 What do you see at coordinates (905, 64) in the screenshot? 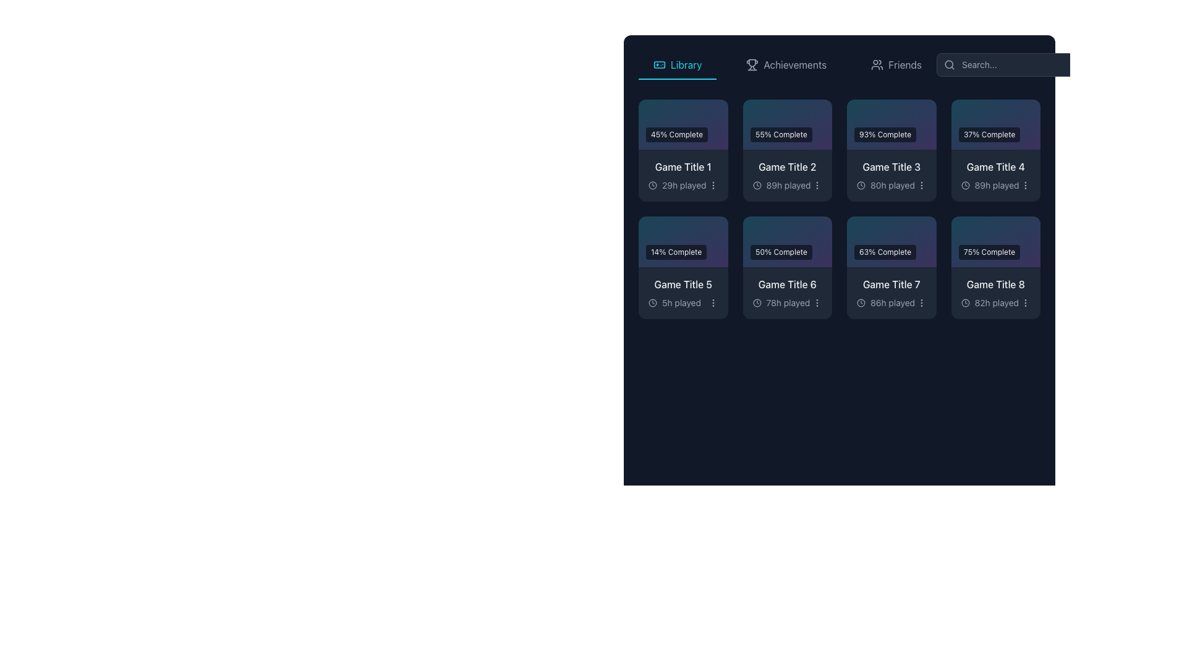
I see `the 'Friends' text label located in the top-right navigation bar, positioned to the left of the search bar` at bounding box center [905, 64].